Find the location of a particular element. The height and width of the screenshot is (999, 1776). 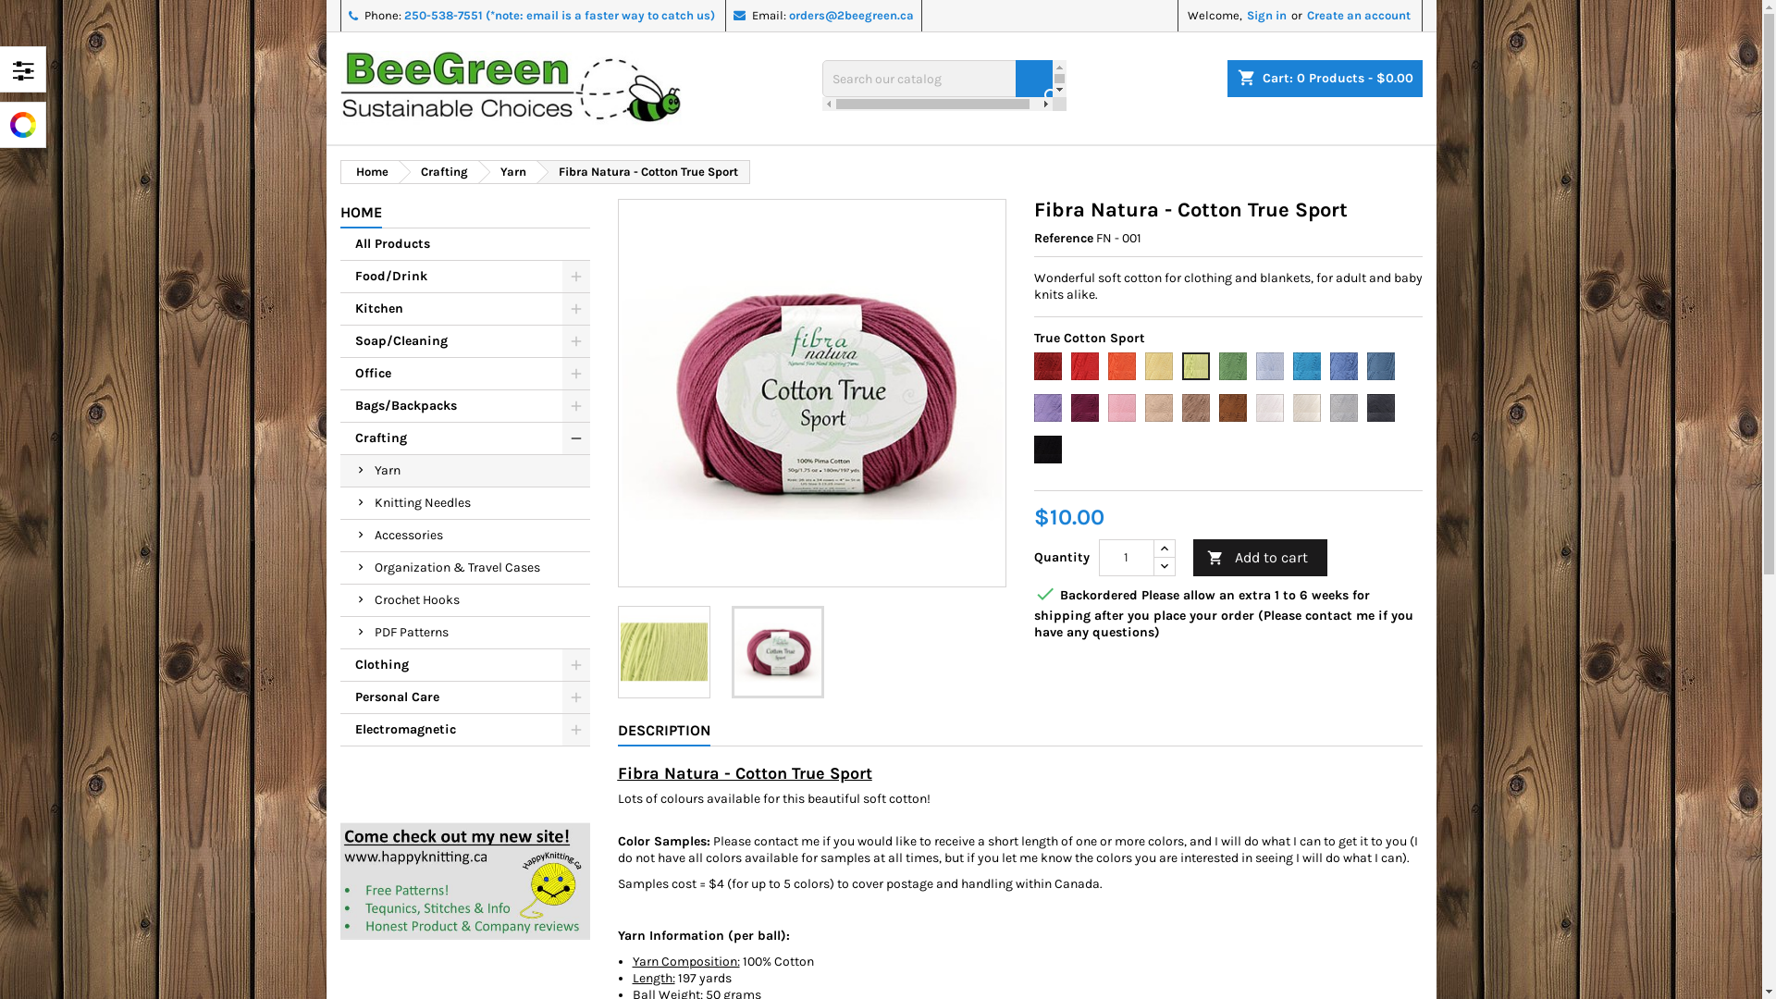

'shopping_cart is located at coordinates (1226, 77).